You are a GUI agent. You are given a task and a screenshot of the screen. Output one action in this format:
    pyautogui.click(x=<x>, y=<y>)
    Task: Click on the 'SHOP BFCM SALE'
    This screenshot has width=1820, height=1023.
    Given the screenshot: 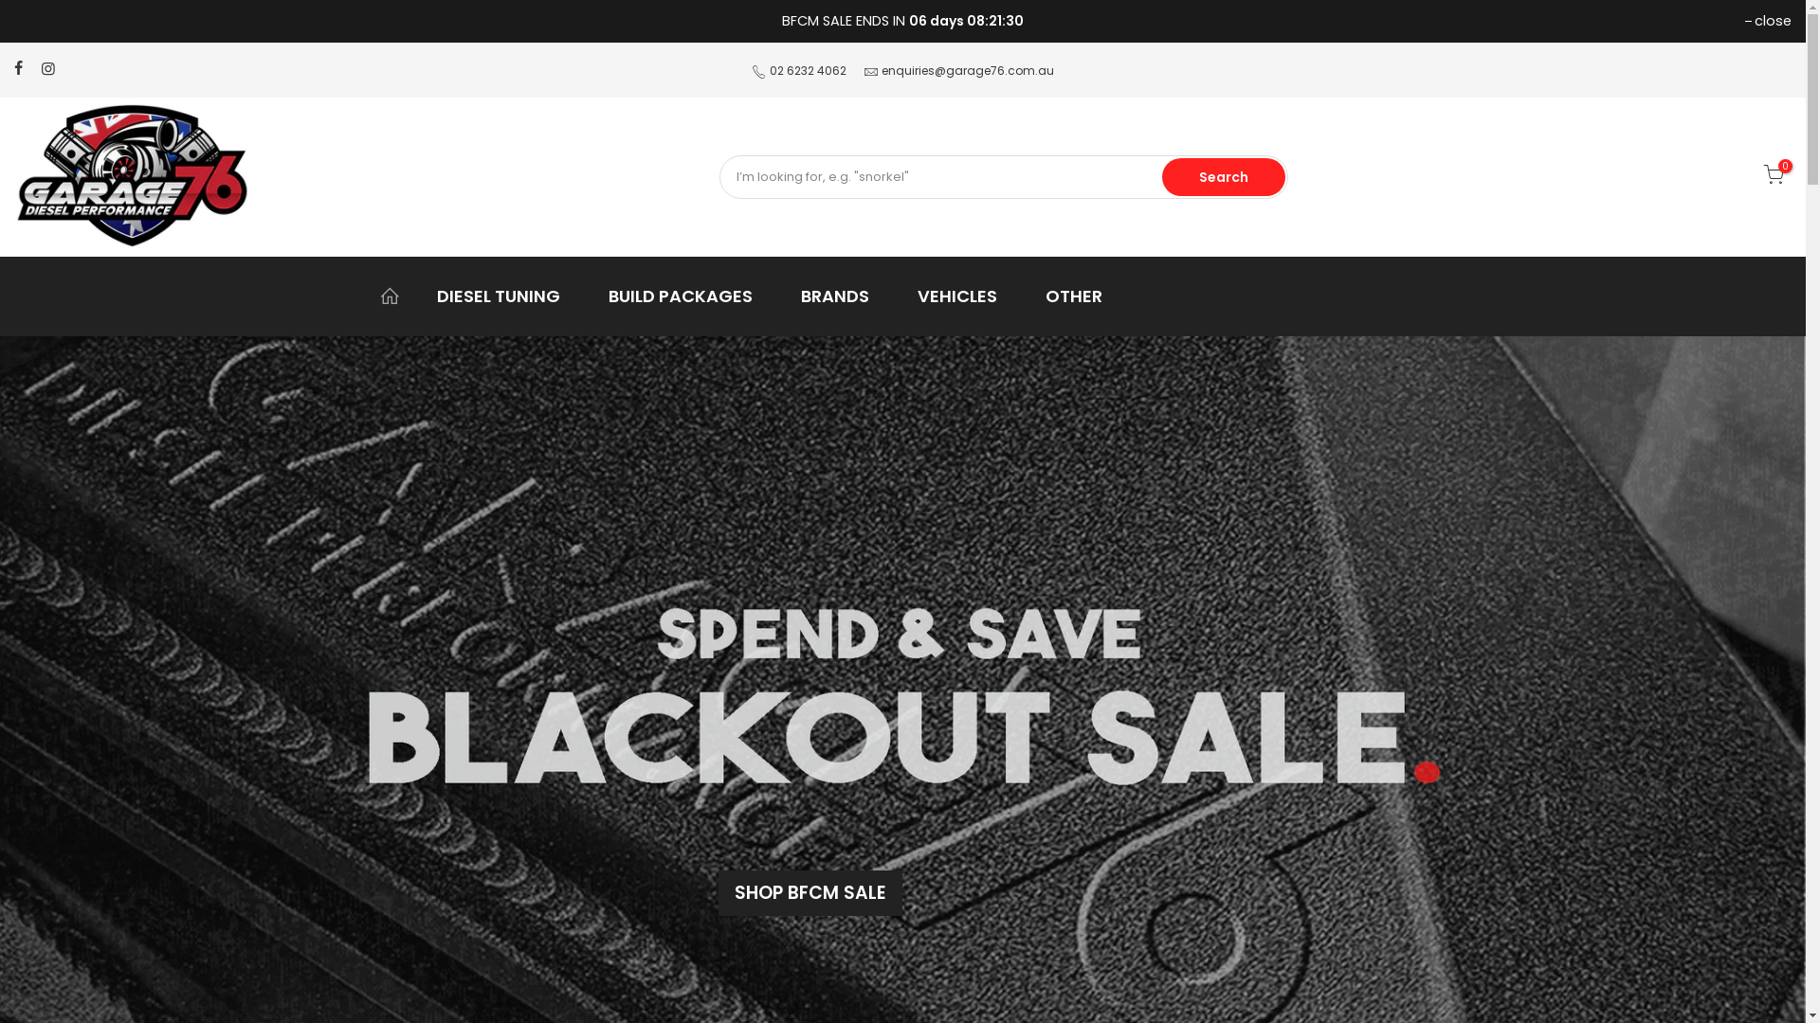 What is the action you would take?
    pyautogui.click(x=810, y=892)
    